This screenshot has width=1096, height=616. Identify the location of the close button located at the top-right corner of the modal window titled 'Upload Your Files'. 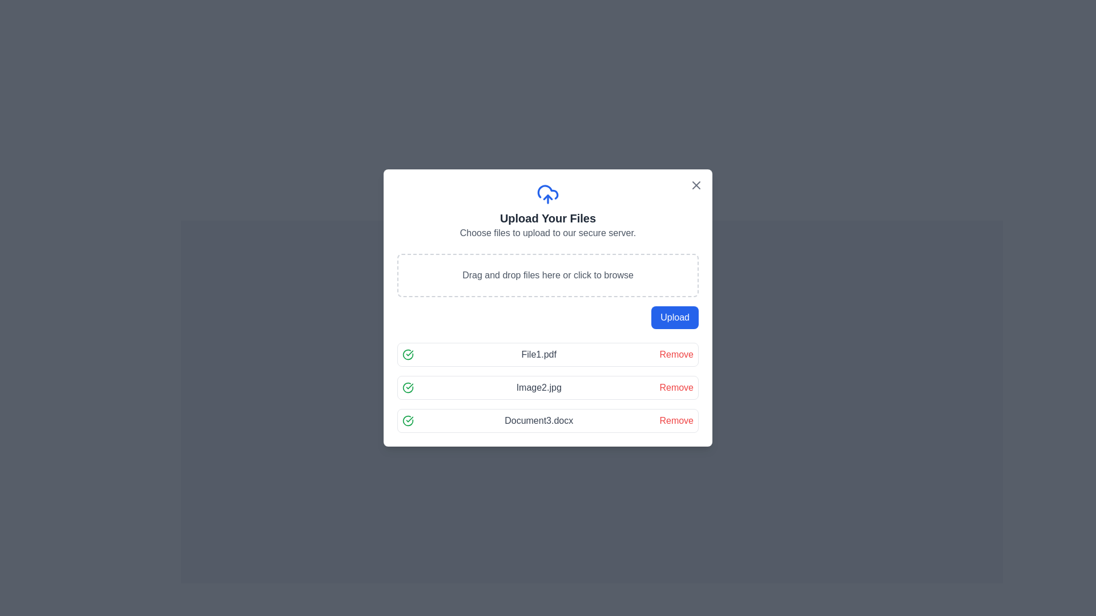
(695, 184).